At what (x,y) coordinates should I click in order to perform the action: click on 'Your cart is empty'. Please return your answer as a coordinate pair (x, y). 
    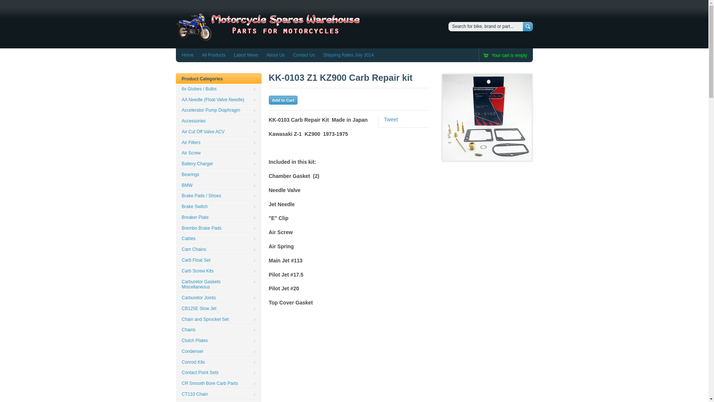
    Looking at the image, I should click on (505, 55).